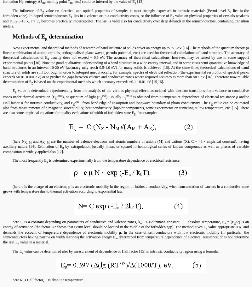 The width and height of the screenshot is (252, 287). Describe the element at coordinates (62, 96) in the screenshot. I see `'), or quantum of light (E'` at that location.